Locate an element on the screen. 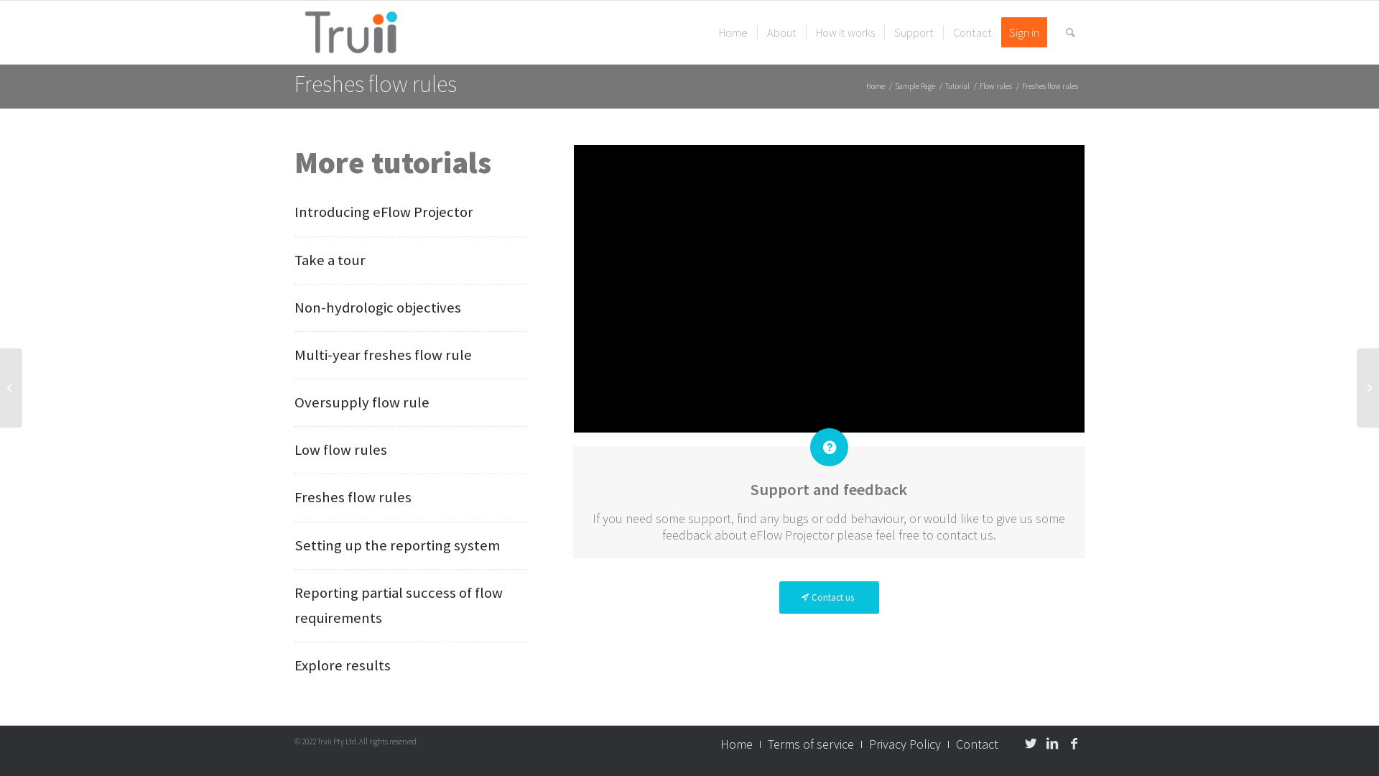 The image size is (1379, 776). 'Home' is located at coordinates (736, 744).